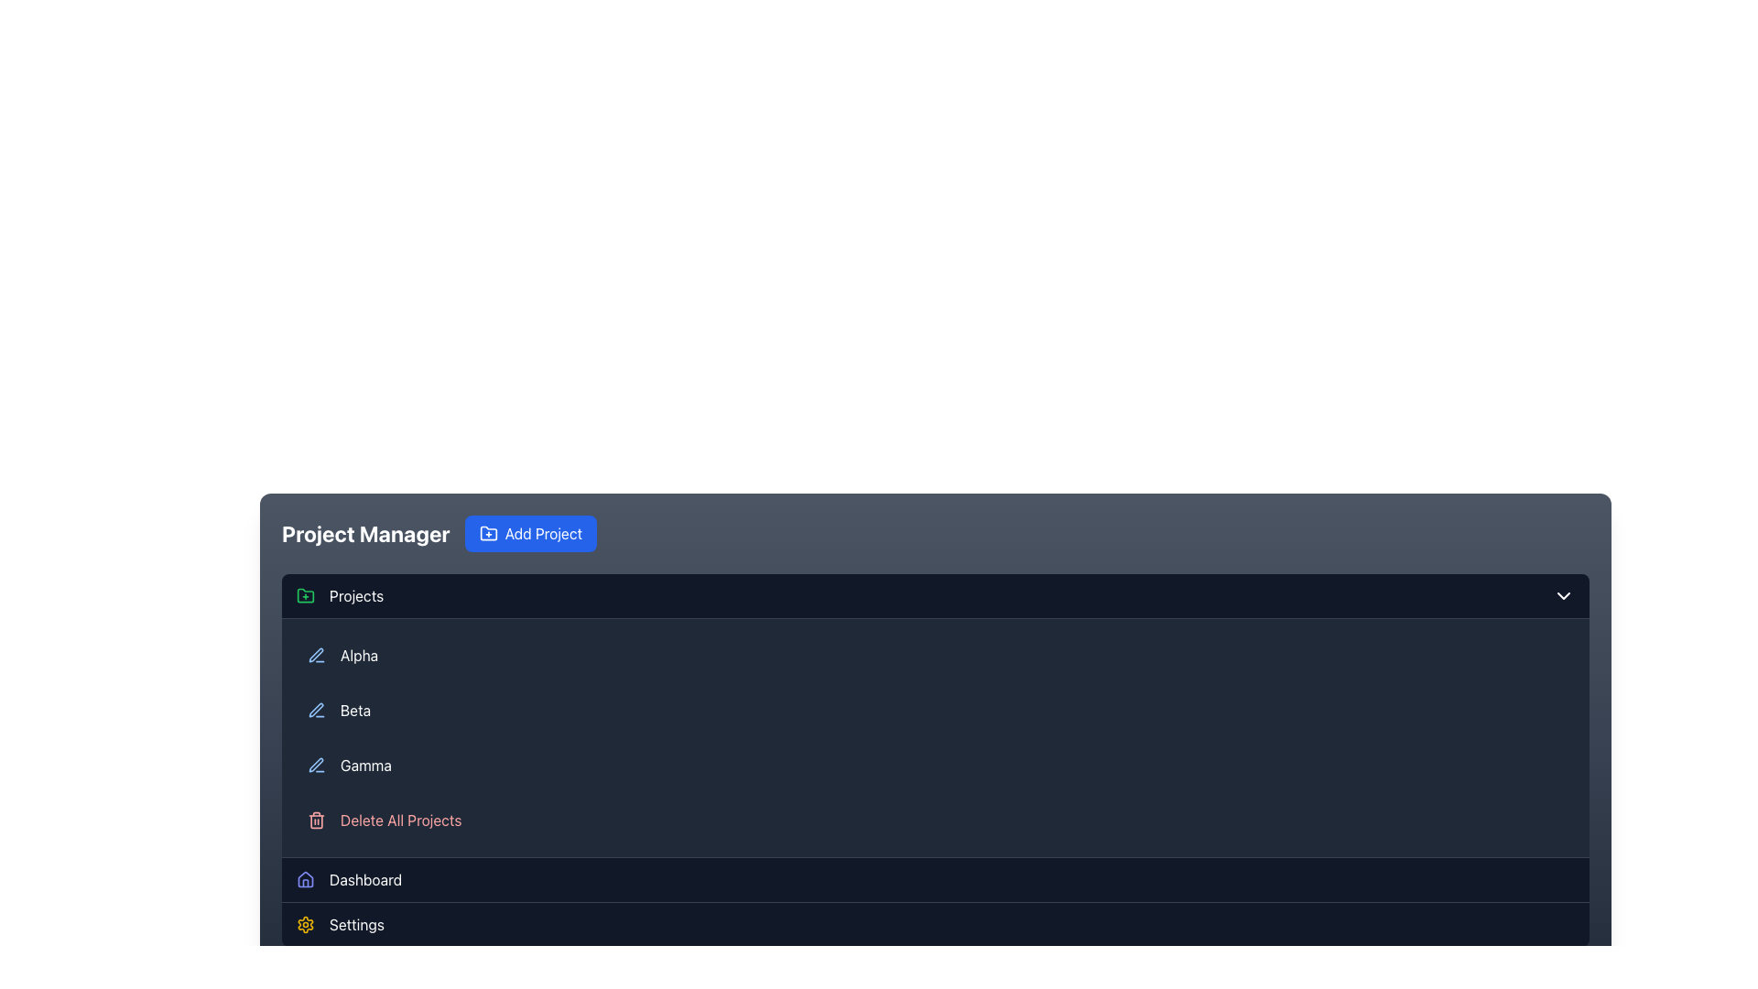 This screenshot has height=989, width=1758. Describe the element at coordinates (306, 925) in the screenshot. I see `the yellow cogwheel icon in the settings section of the sidebar` at that location.